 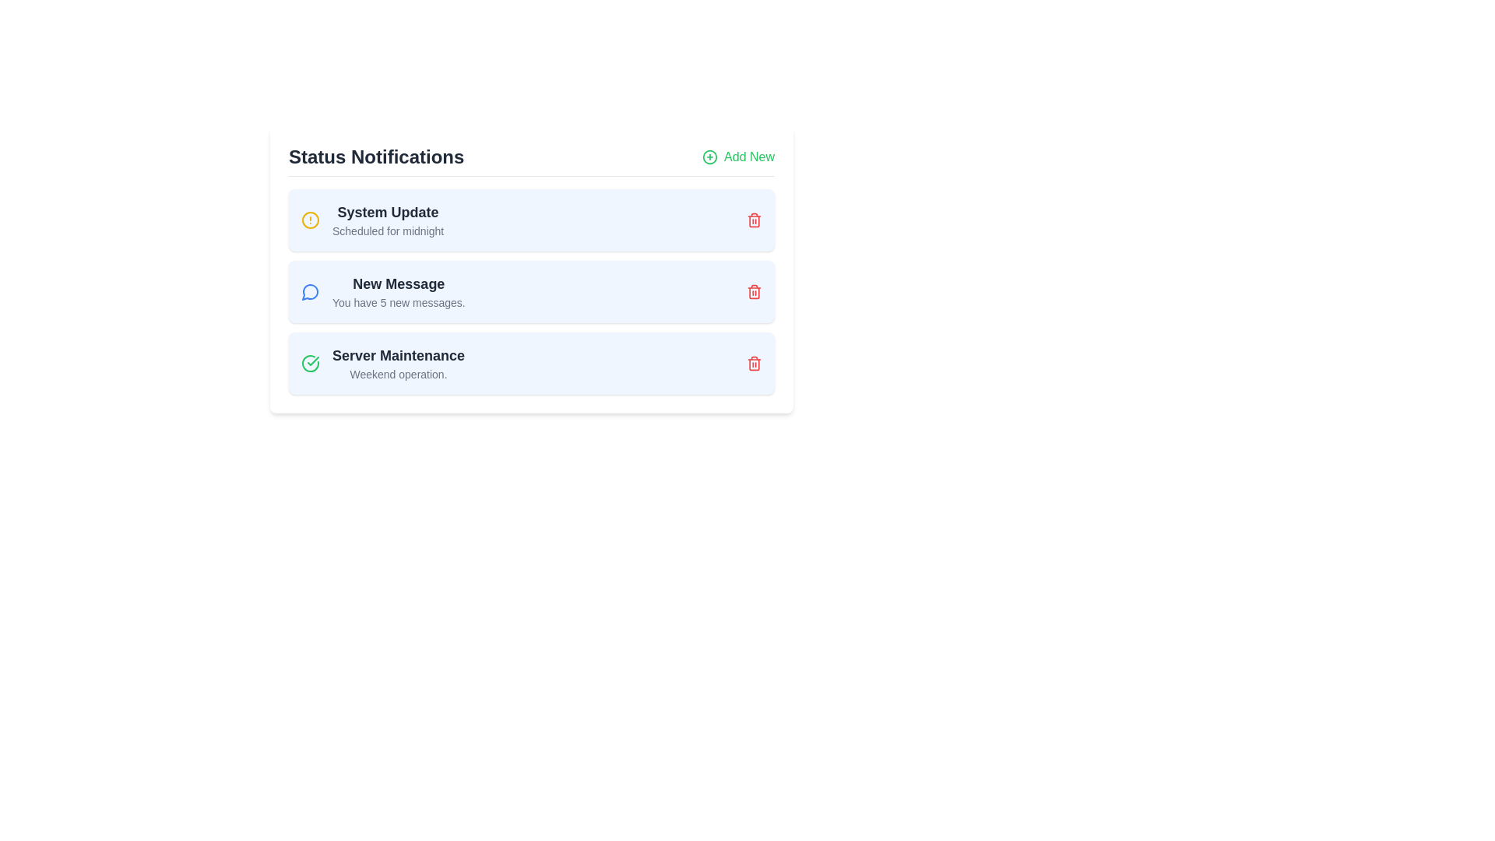 What do you see at coordinates (737, 157) in the screenshot?
I see `the 'Add New' button to add a new item` at bounding box center [737, 157].